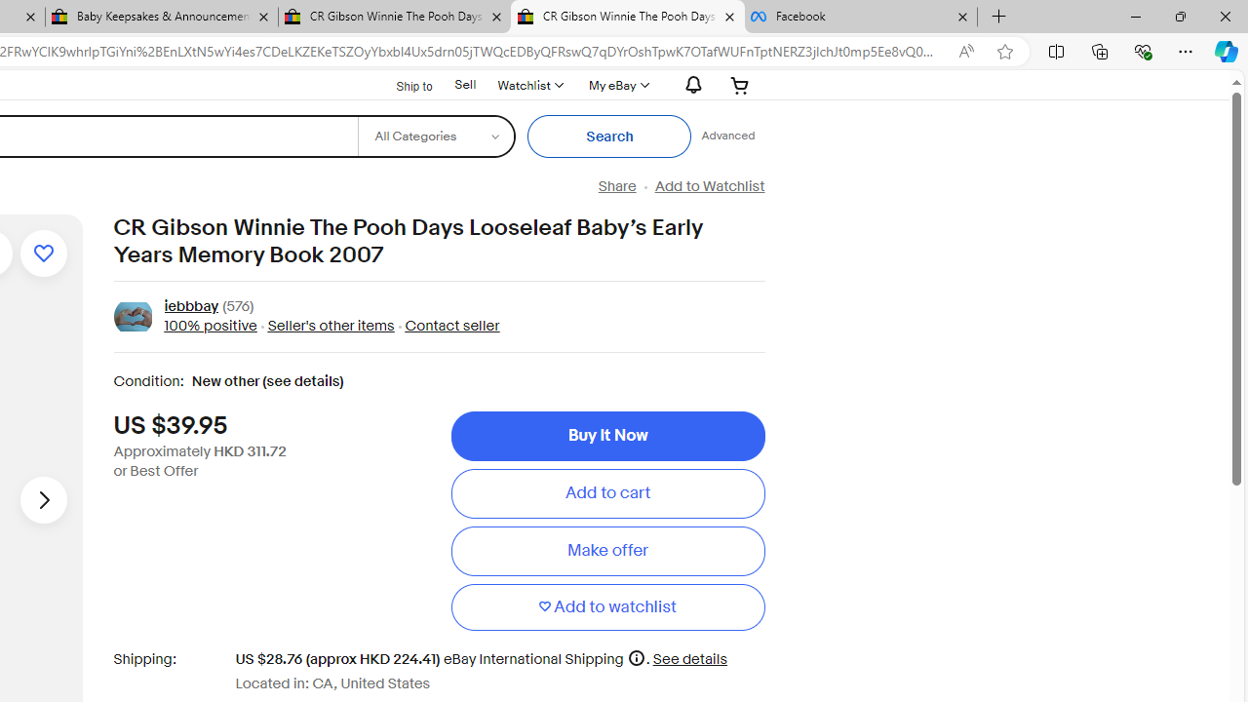  I want to click on 'My eBayExpand My eBay', so click(615, 84).